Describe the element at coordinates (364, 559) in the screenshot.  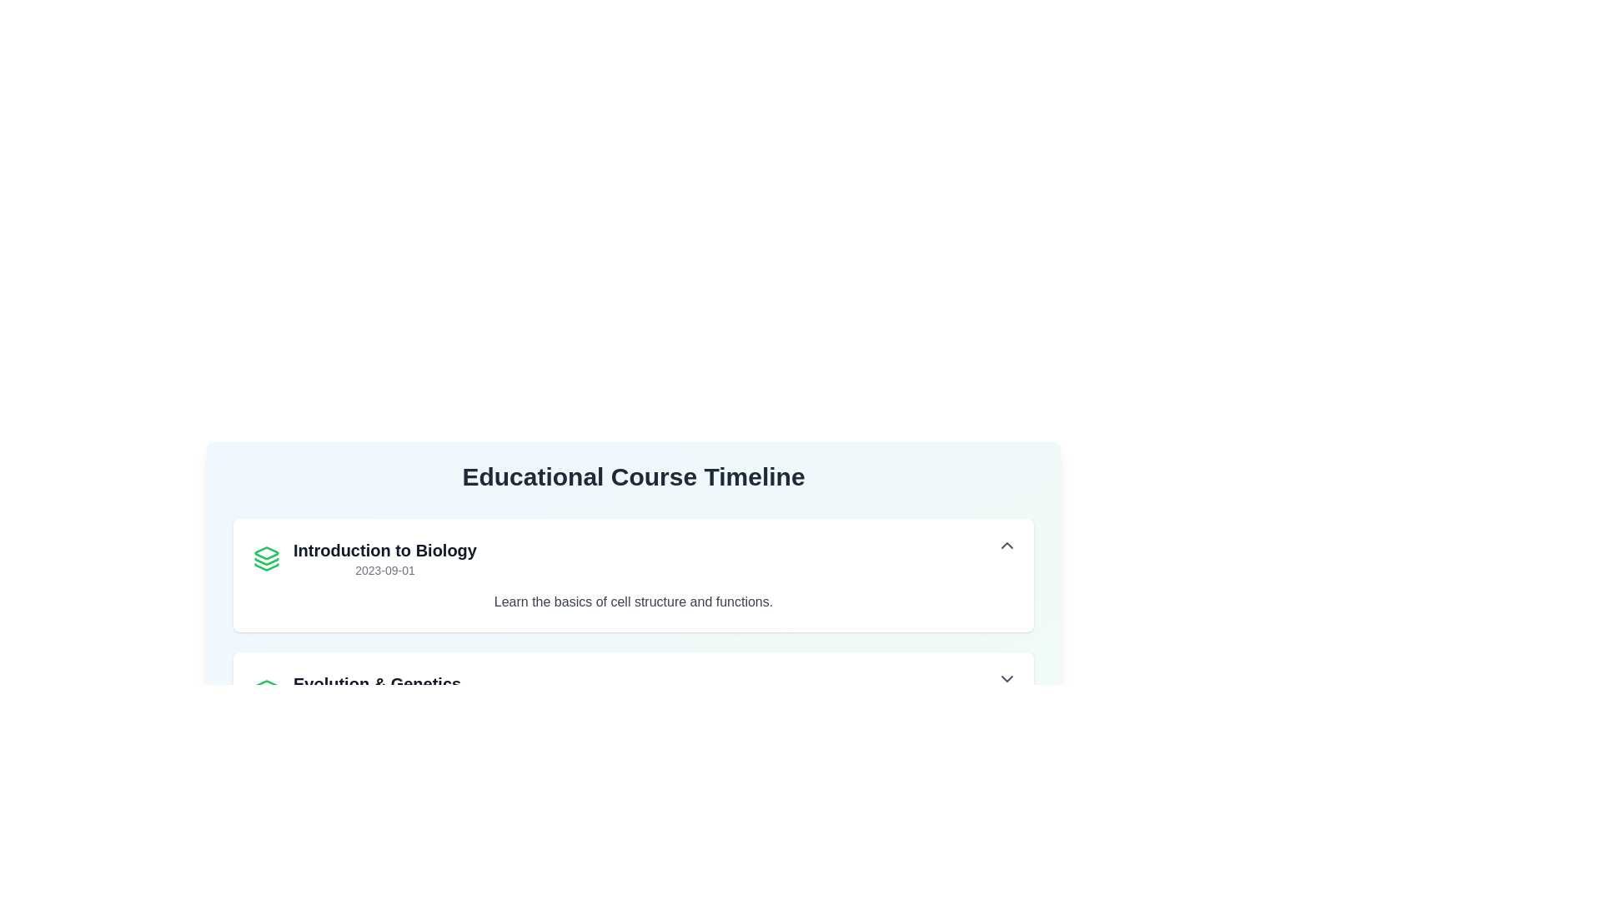
I see `the Header displaying 'Introduction to Biology' with the date '2023-09-01' and an icon of overlapping shapes in green color` at that location.